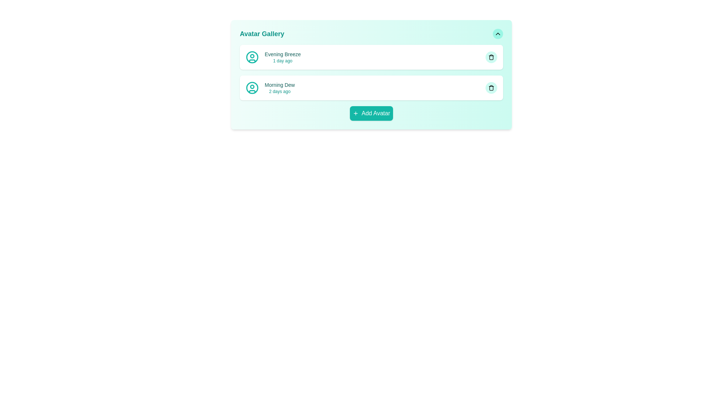 Image resolution: width=702 pixels, height=394 pixels. I want to click on the outermost circular border of the SVG avatar icon for the 'Morning Dew' entry located in the second row of the list, so click(252, 87).